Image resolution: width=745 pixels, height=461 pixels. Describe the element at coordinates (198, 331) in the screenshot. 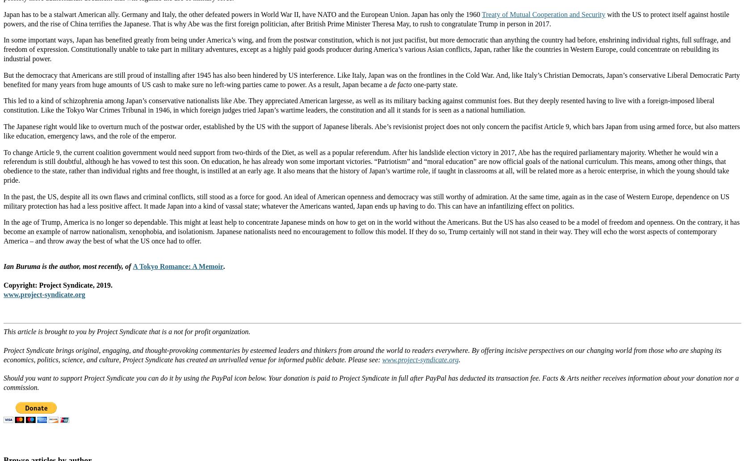

I see `'that is a not for profit organization.'` at that location.